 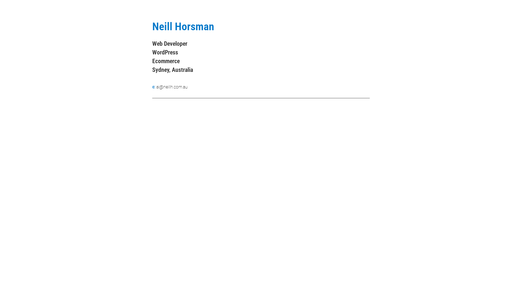 I want to click on 'ai@neillh.com.au', so click(x=172, y=87).